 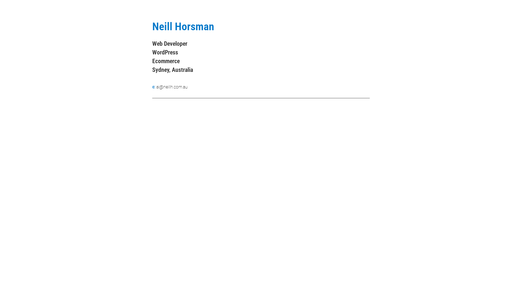 I want to click on 'ai@neillh.com.au', so click(x=172, y=87).